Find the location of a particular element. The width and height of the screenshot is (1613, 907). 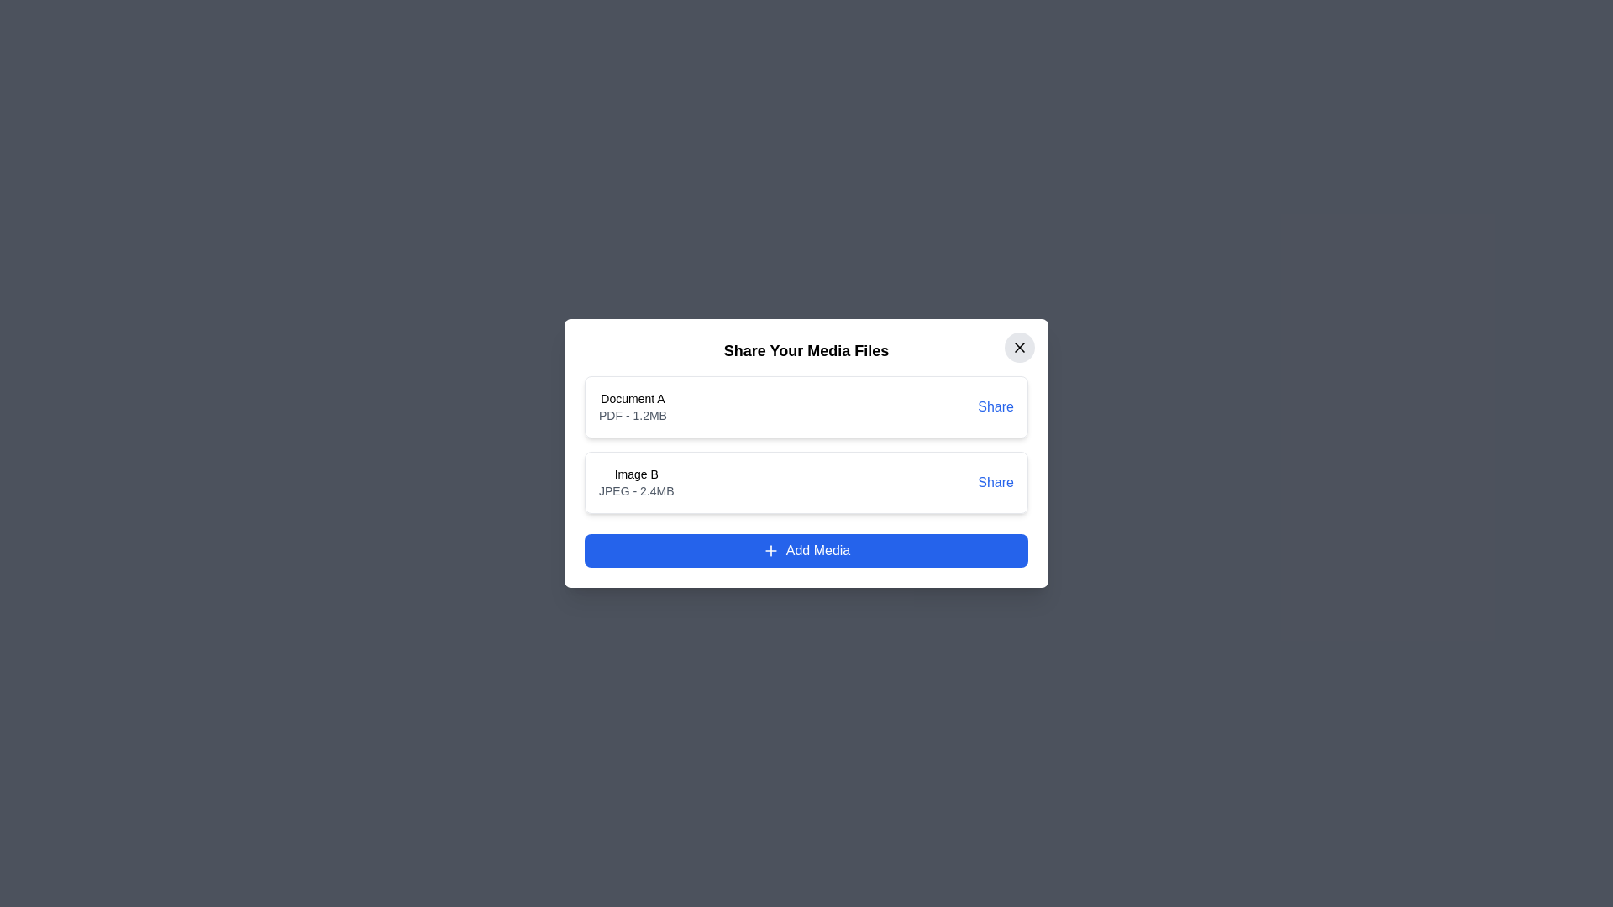

the 'Add Media' button to initiate adding a new media file is located at coordinates (806, 550).